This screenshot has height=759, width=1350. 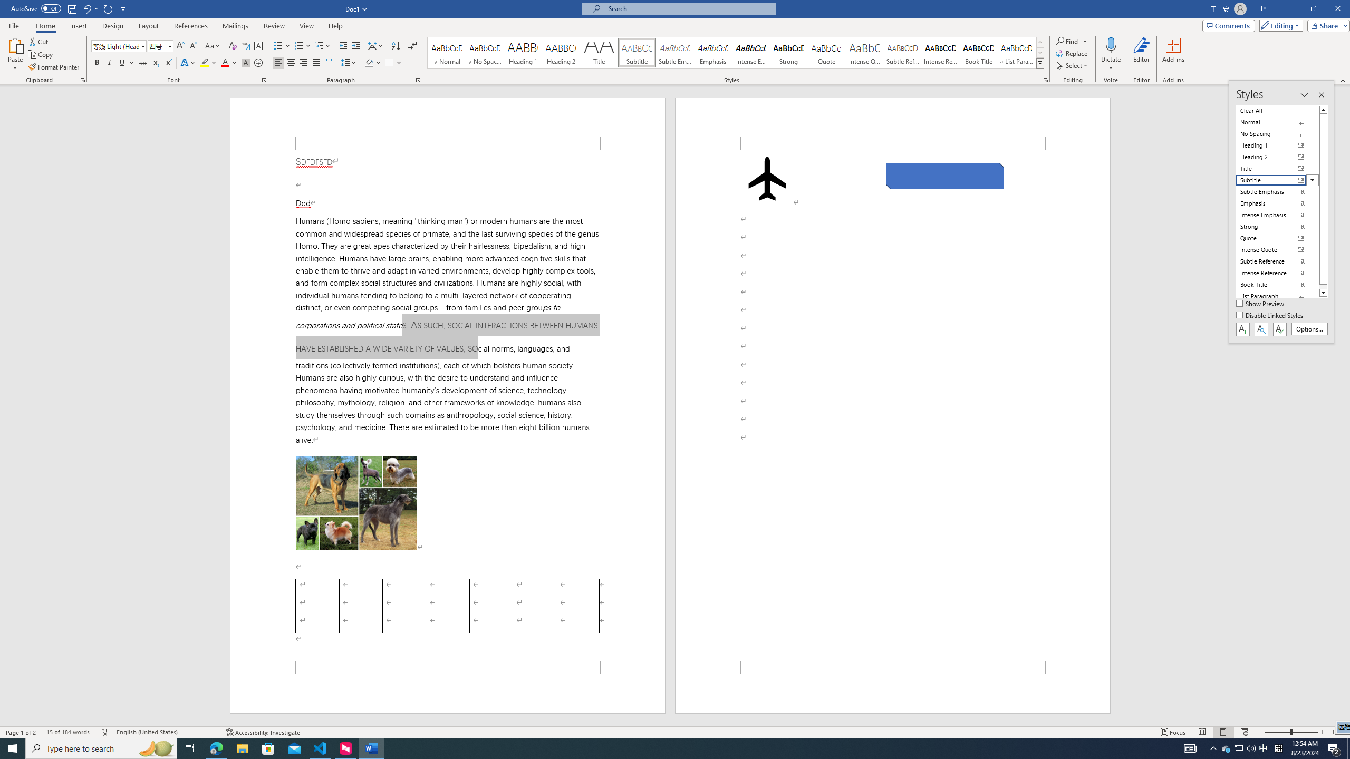 What do you see at coordinates (208, 62) in the screenshot?
I see `'Text Highlight Color'` at bounding box center [208, 62].